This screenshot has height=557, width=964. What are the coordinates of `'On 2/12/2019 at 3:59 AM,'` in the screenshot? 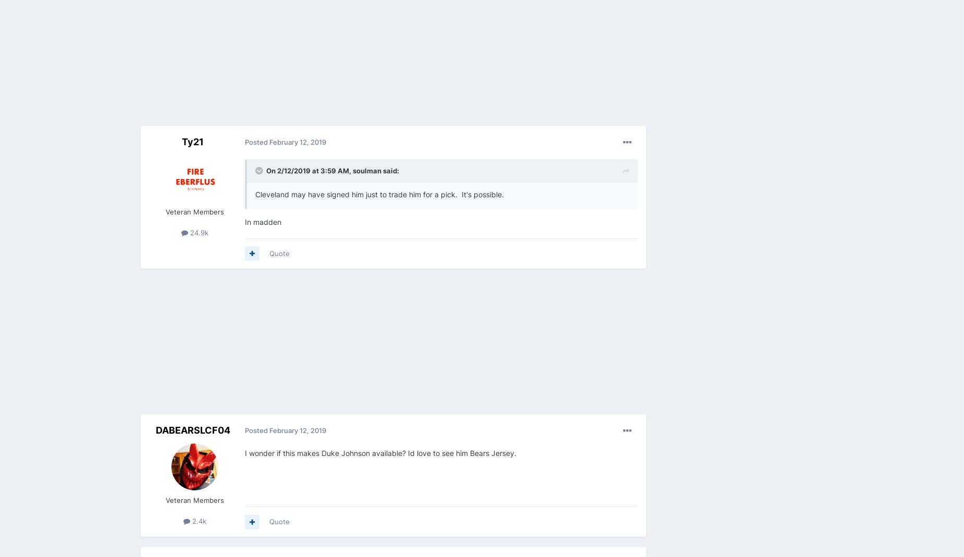 It's located at (310, 170).